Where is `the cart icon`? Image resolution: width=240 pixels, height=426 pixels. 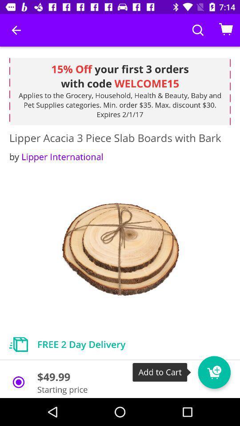 the cart icon is located at coordinates (214, 372).